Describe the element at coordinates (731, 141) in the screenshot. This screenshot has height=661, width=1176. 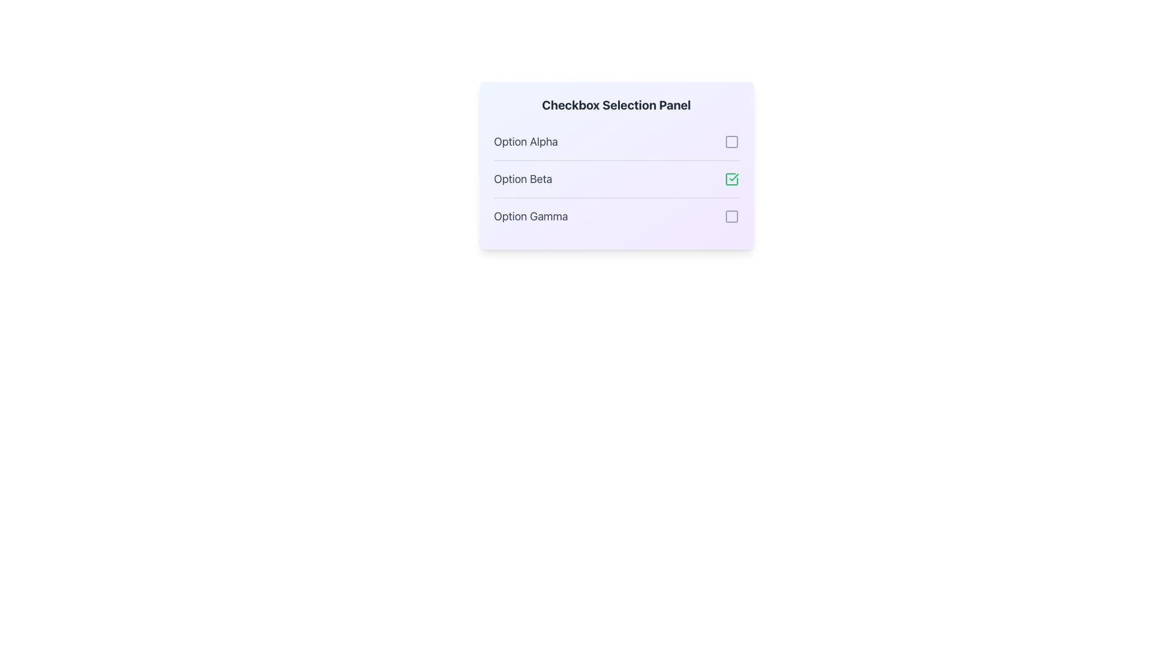
I see `the checkbox associated with the 'Option Alpha' label` at that location.